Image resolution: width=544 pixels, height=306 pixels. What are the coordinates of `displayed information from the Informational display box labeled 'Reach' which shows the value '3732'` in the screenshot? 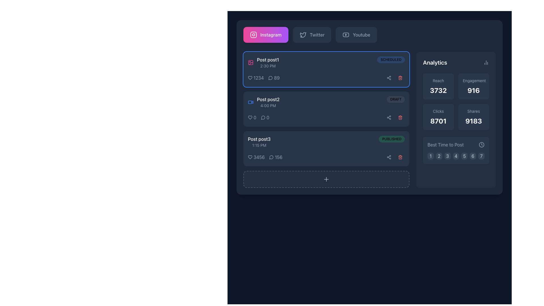 It's located at (438, 86).